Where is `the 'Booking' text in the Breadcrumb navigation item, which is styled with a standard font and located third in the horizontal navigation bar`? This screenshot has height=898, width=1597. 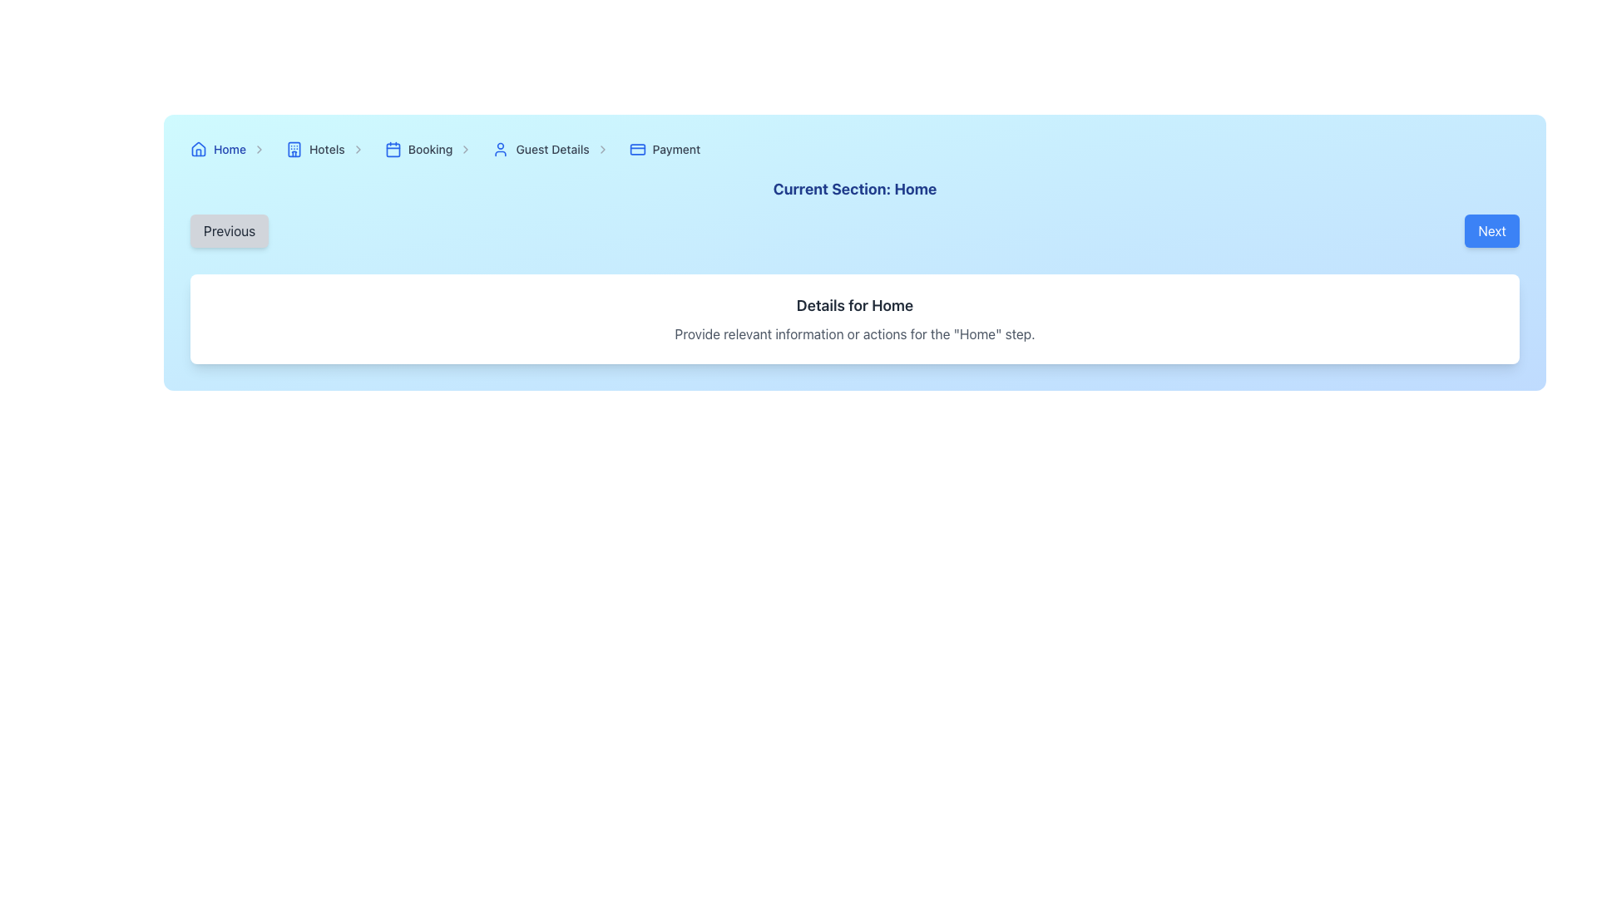
the 'Booking' text in the Breadcrumb navigation item, which is styled with a standard font and located third in the horizontal navigation bar is located at coordinates (432, 150).